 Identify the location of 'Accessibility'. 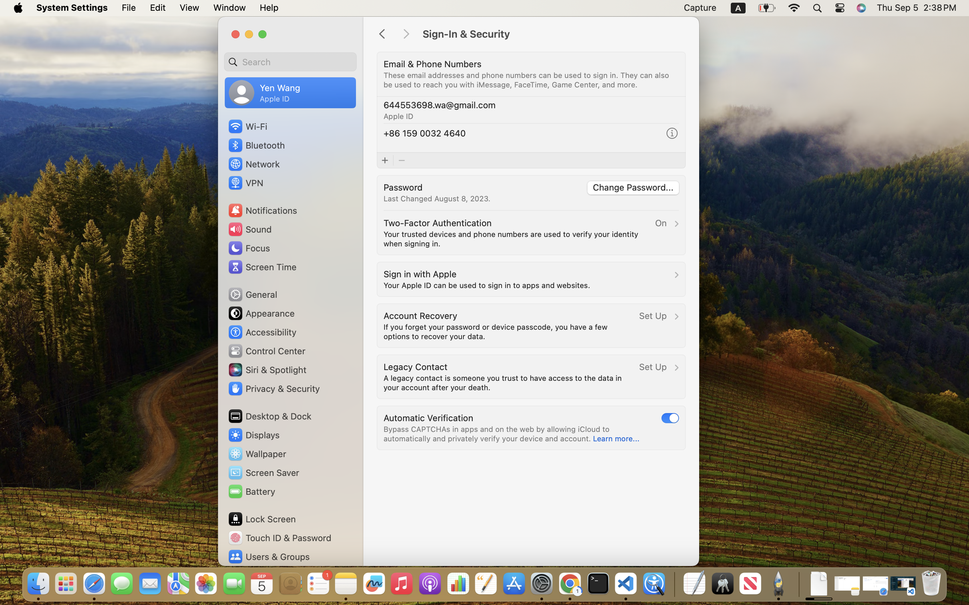
(262, 332).